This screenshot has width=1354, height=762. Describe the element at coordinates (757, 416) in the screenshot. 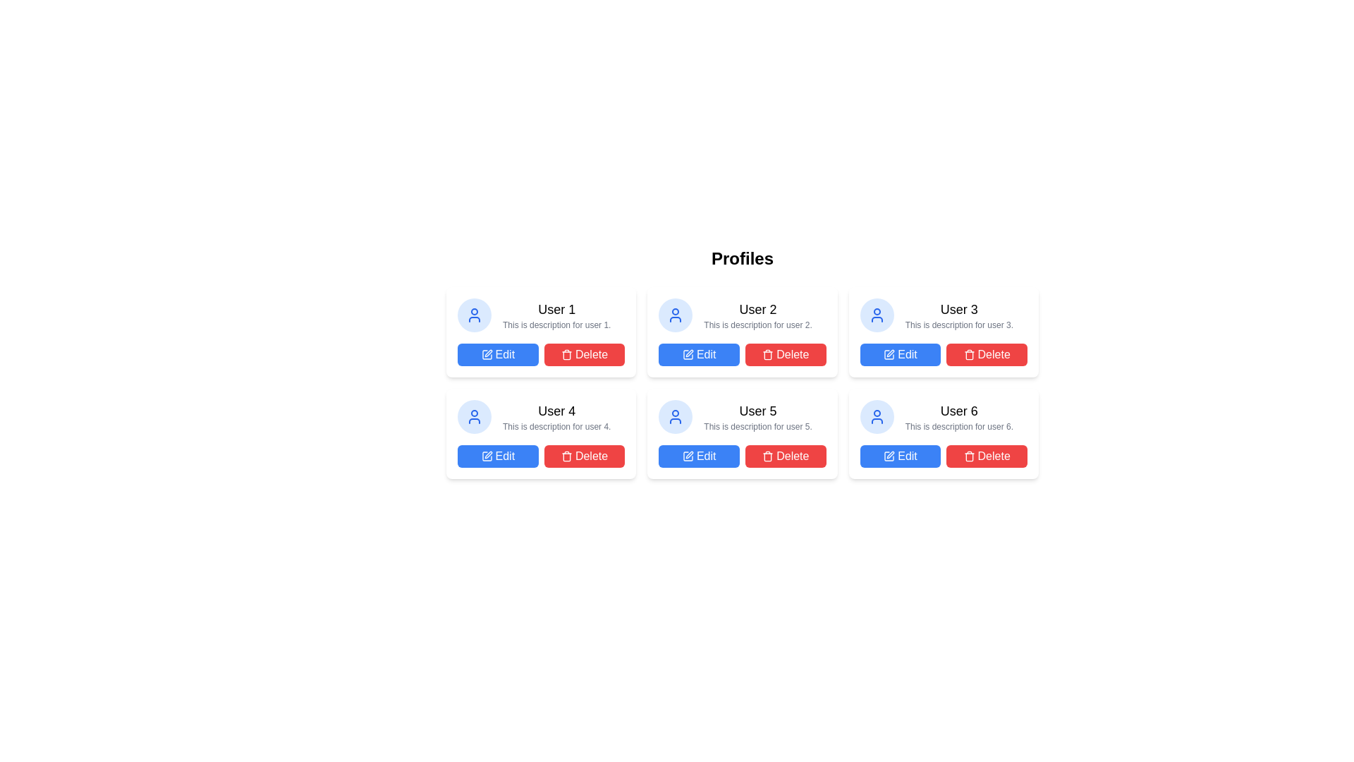

I see `the text label component displaying 'User 5' with a bold font and its subtitle in a smaller, grayed-out font, located in the second card of the second row in the user profile grid` at that location.